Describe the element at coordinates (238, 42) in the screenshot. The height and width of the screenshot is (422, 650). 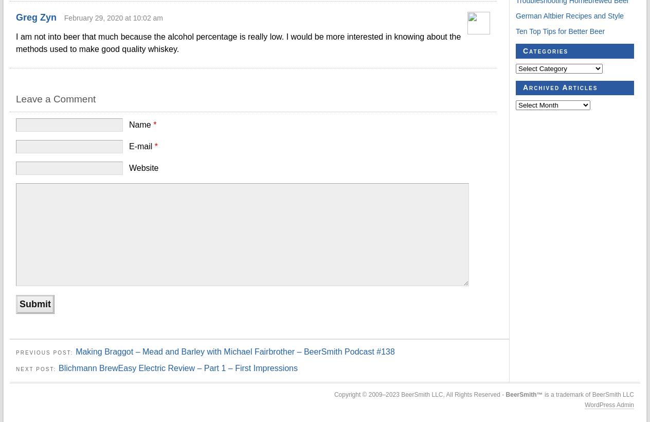
I see `'I am not into beer that much because the alcohol percentage is really low. I would be more interested in knowing about the methods used to make good quality whiskey.'` at that location.